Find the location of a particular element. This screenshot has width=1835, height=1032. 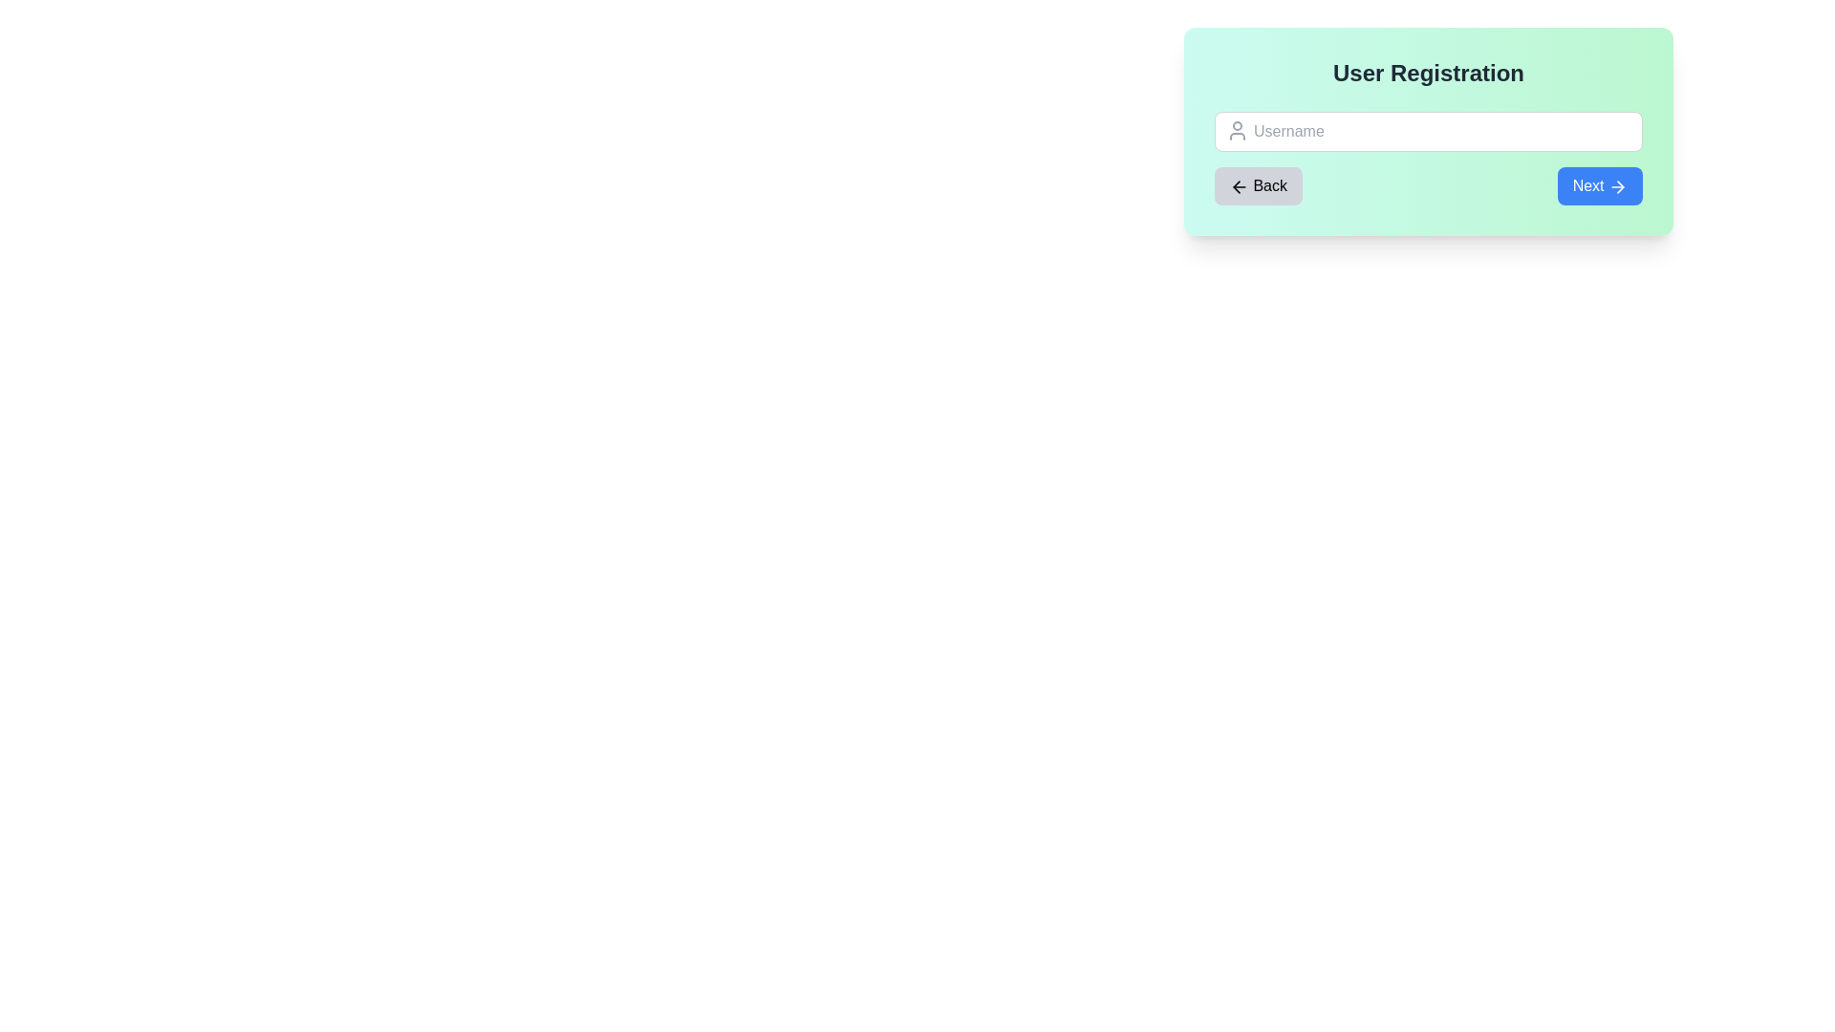

the left-pointing arrow icon, which is part of the 'Back' button in the user registration form is located at coordinates (1239, 186).